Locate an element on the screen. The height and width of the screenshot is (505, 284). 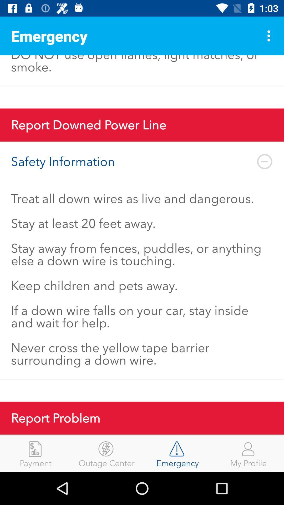
payment is located at coordinates (35, 453).